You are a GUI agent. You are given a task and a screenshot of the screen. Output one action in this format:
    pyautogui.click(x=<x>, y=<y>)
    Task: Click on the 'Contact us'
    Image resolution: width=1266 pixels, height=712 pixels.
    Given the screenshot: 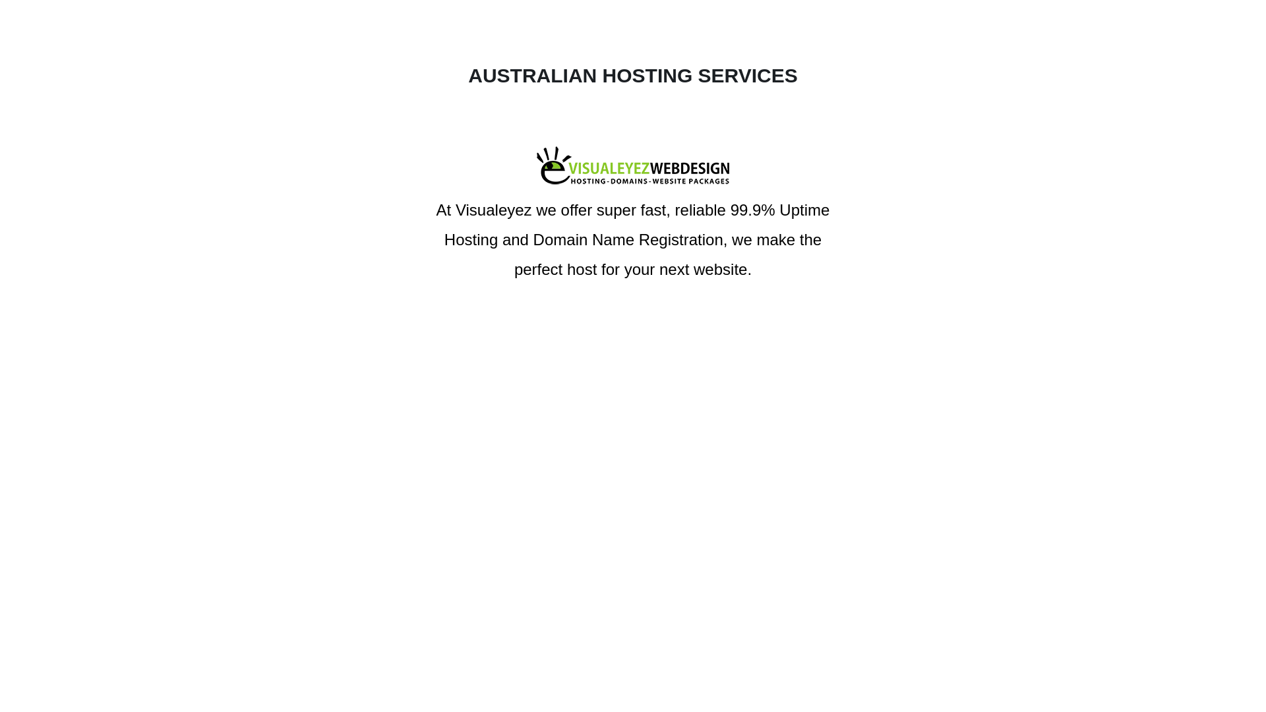 What is the action you would take?
    pyautogui.click(x=633, y=353)
    